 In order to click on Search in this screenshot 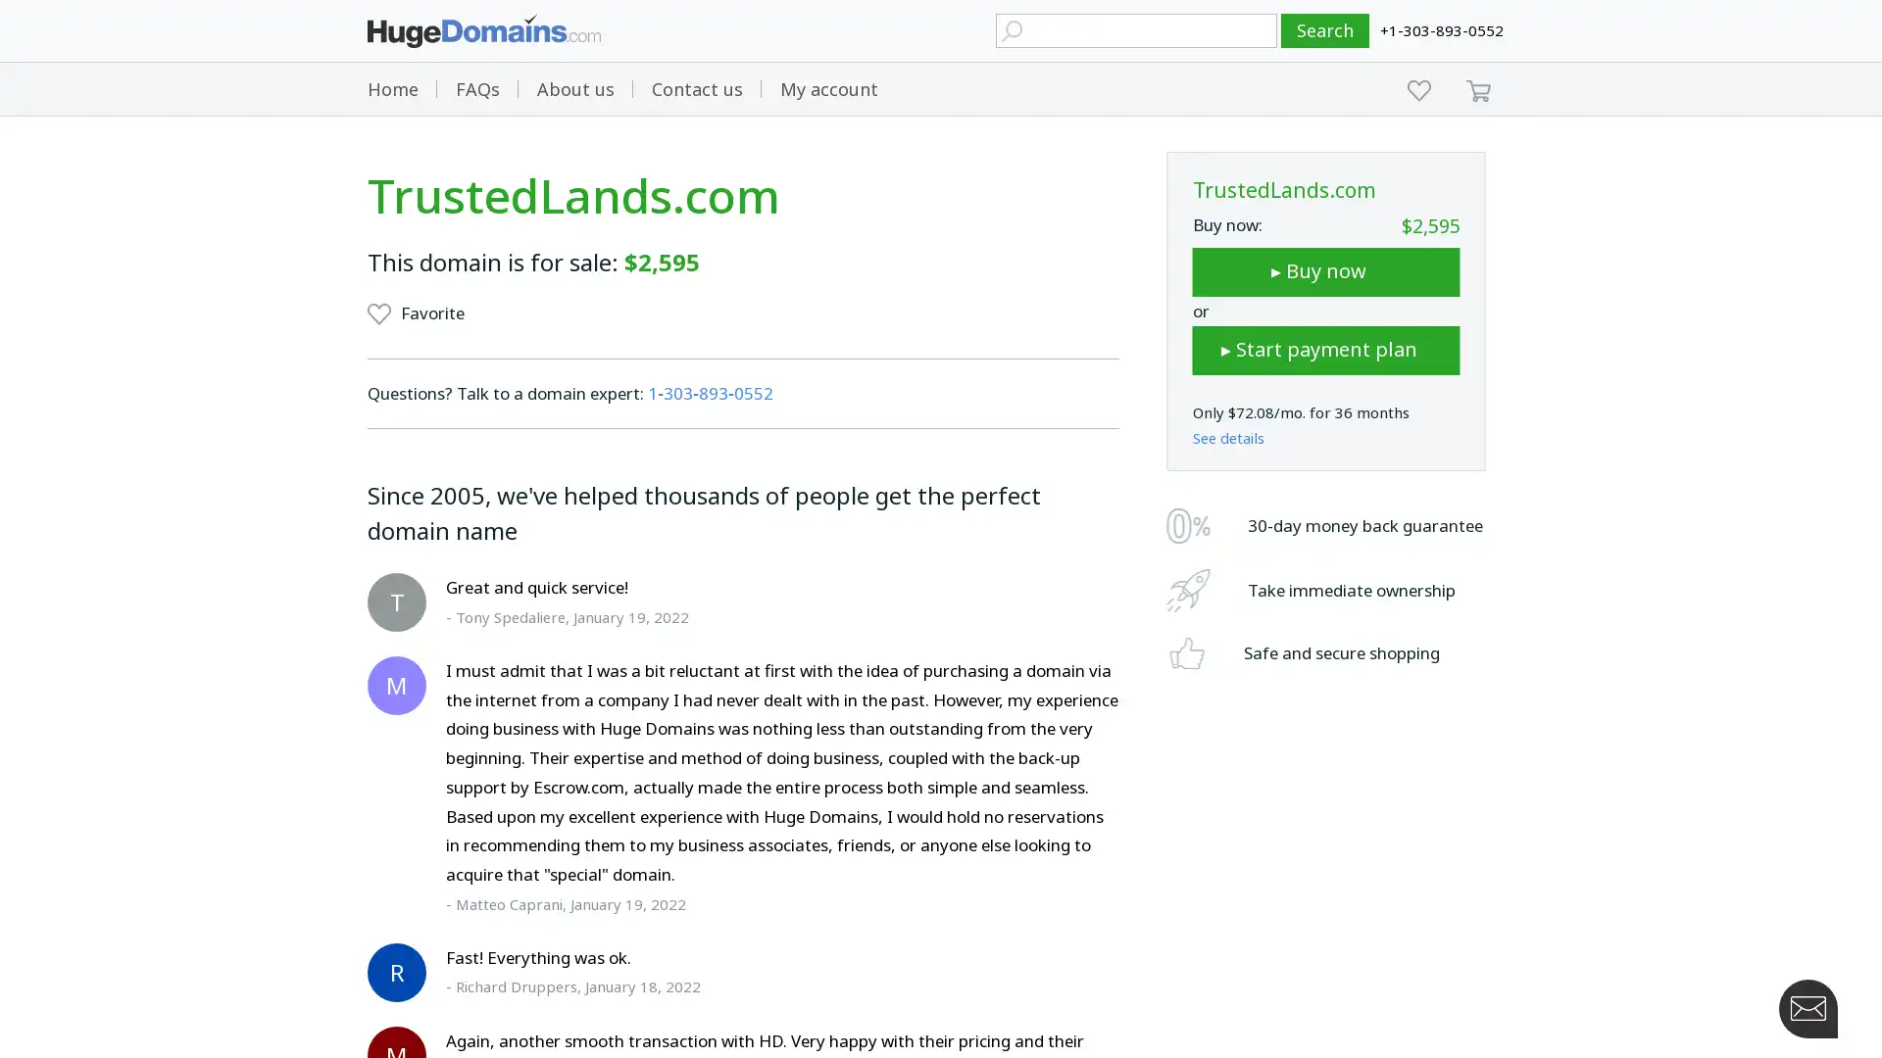, I will do `click(1325, 30)`.